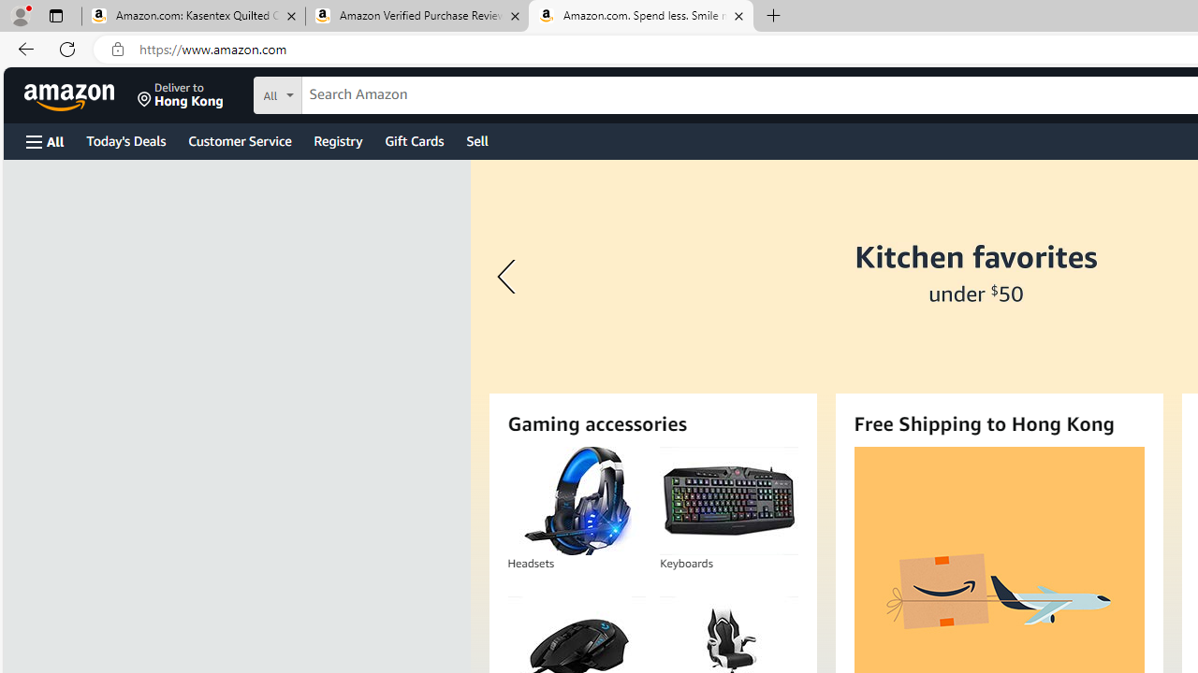  What do you see at coordinates (576, 500) in the screenshot?
I see `'Headsets'` at bounding box center [576, 500].